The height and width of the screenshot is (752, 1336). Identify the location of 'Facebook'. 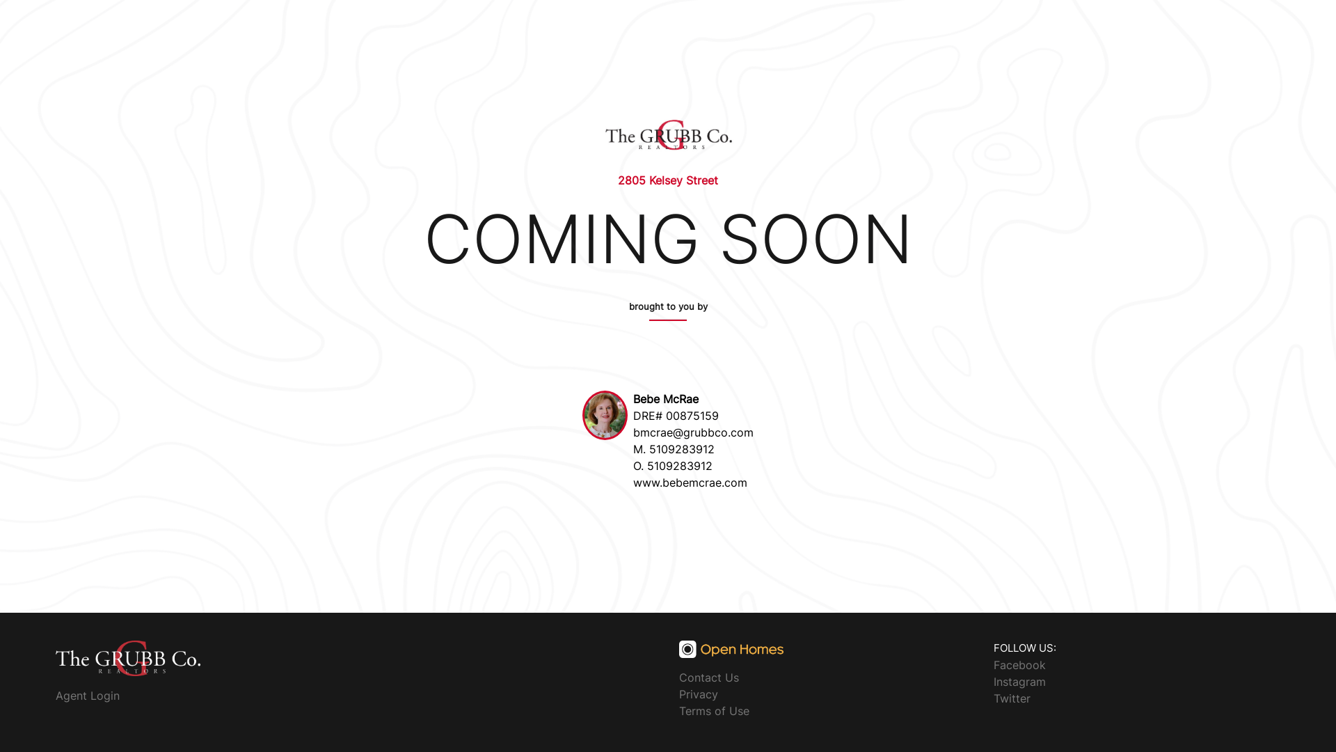
(993, 663).